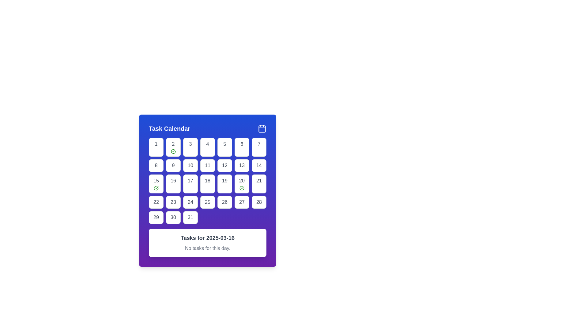 The height and width of the screenshot is (330, 588). I want to click on the button representing the 19th day in the calendar interface located in the 5th row and 5th column of the grid layout, so click(224, 183).